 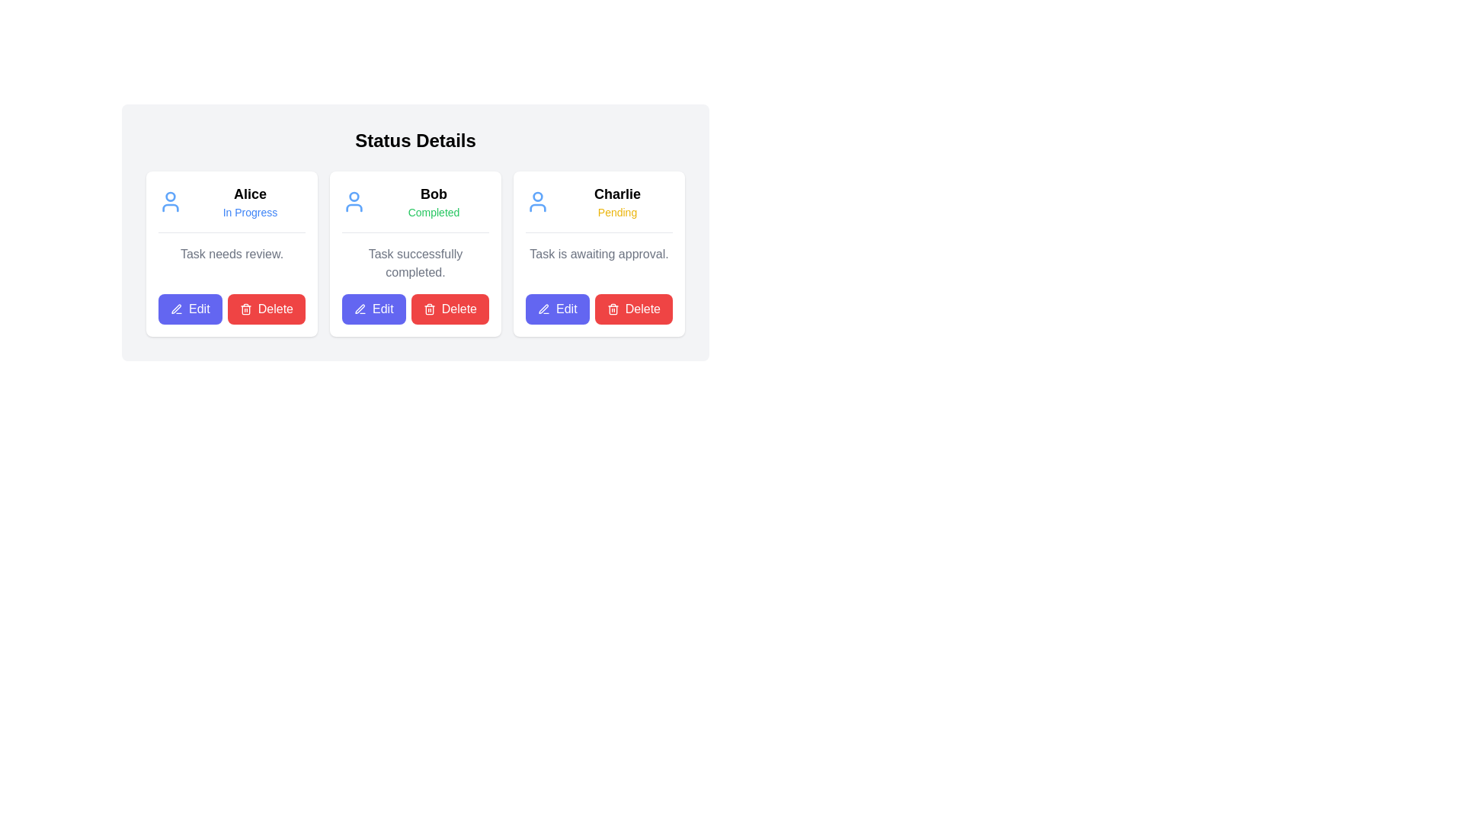 What do you see at coordinates (537, 196) in the screenshot?
I see `the inner circular shape of the user profile icon in the third card (Charlie) of the row of user cards` at bounding box center [537, 196].